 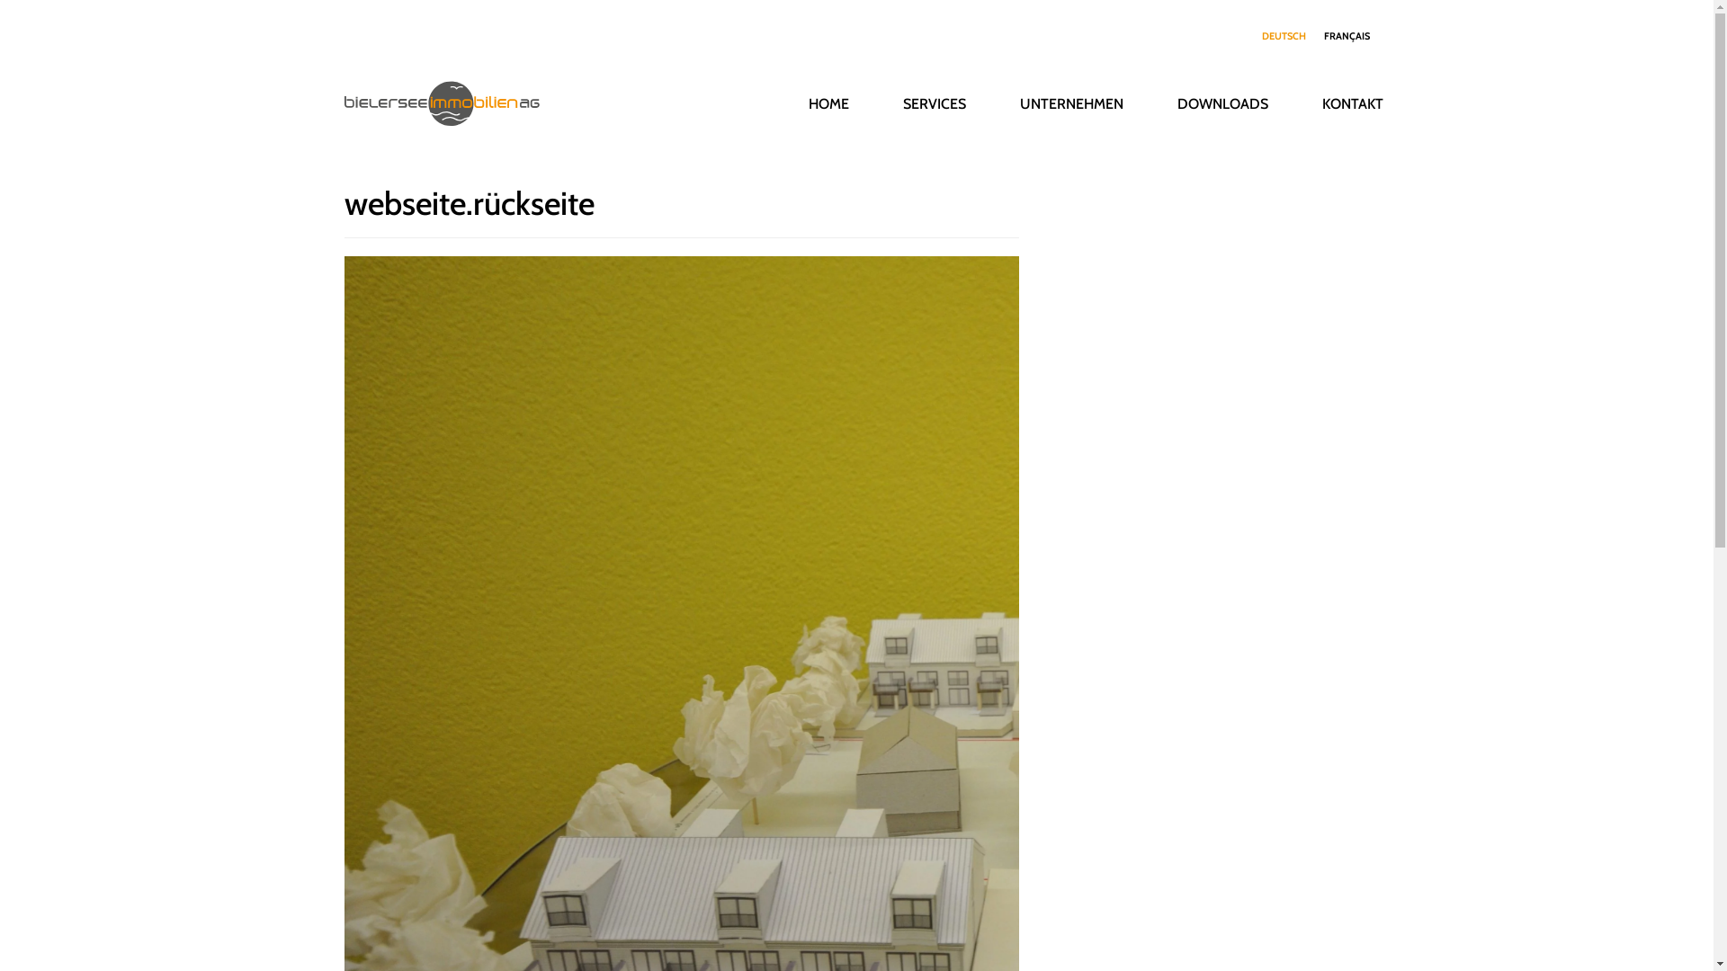 What do you see at coordinates (934, 103) in the screenshot?
I see `'SERVICES'` at bounding box center [934, 103].